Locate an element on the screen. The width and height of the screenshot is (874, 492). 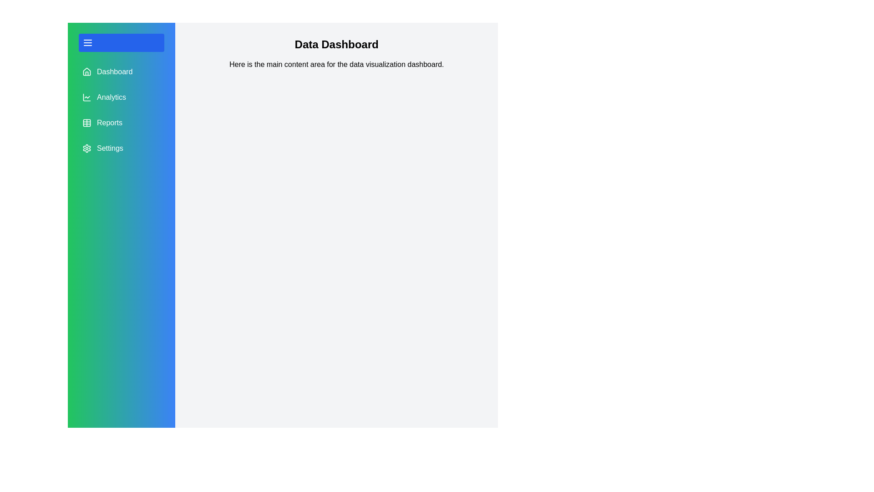
the menu item Settings in the side drawer is located at coordinates (121, 148).